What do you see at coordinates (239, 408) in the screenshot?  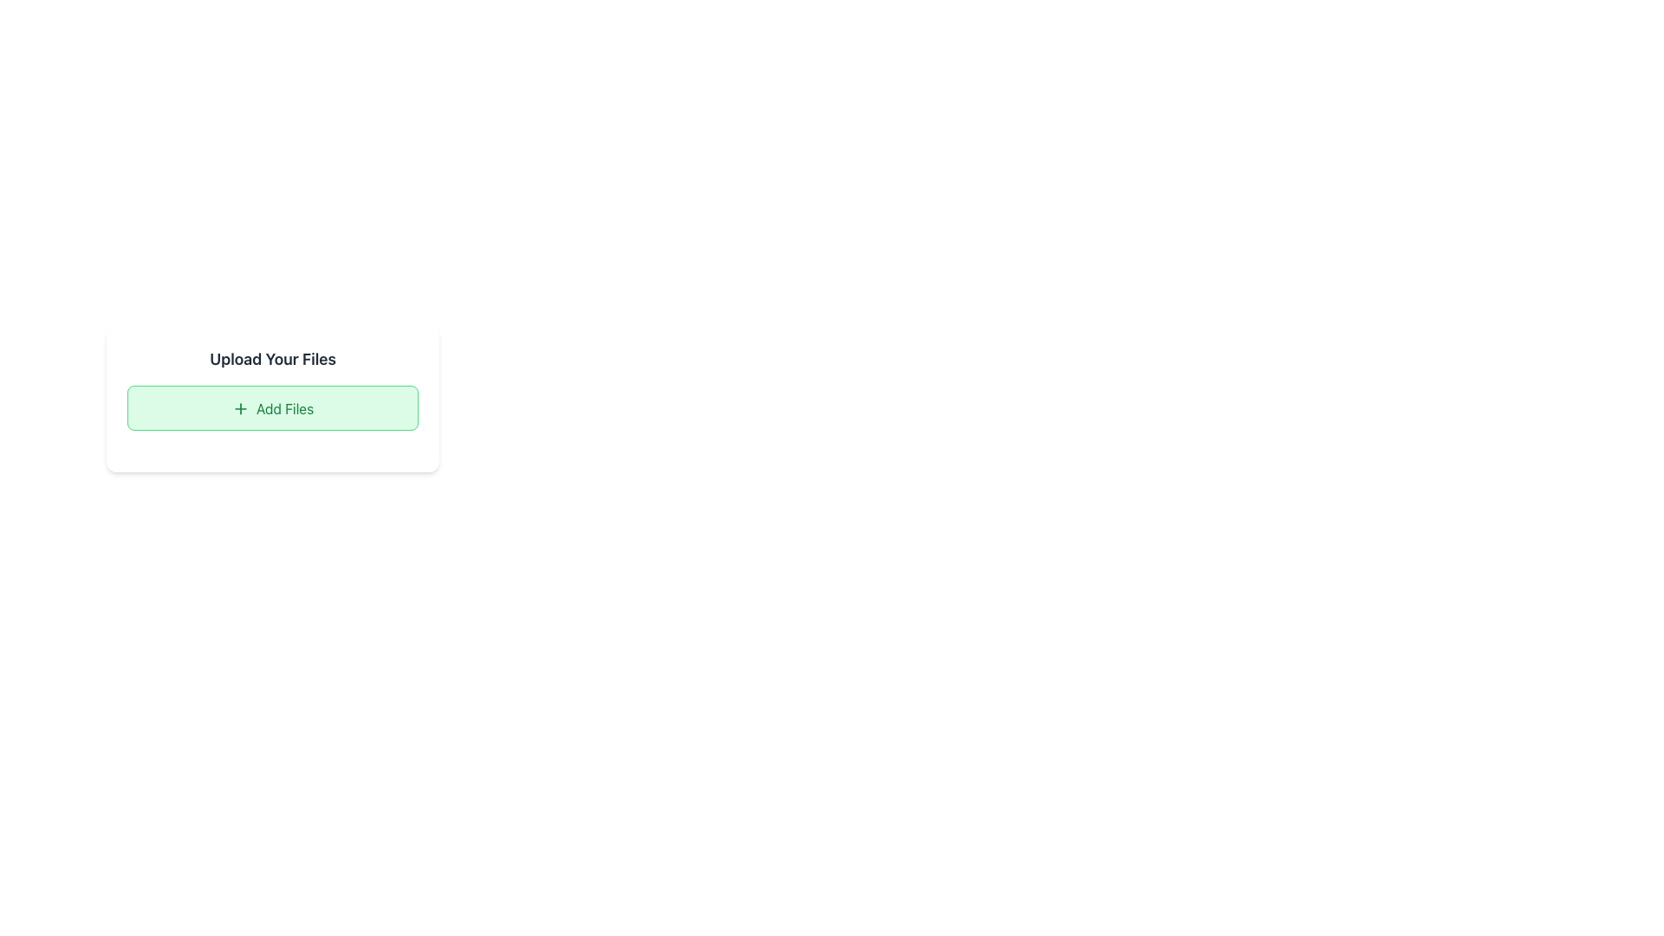 I see `the plus icon inside the 'Add Files' button` at bounding box center [239, 408].